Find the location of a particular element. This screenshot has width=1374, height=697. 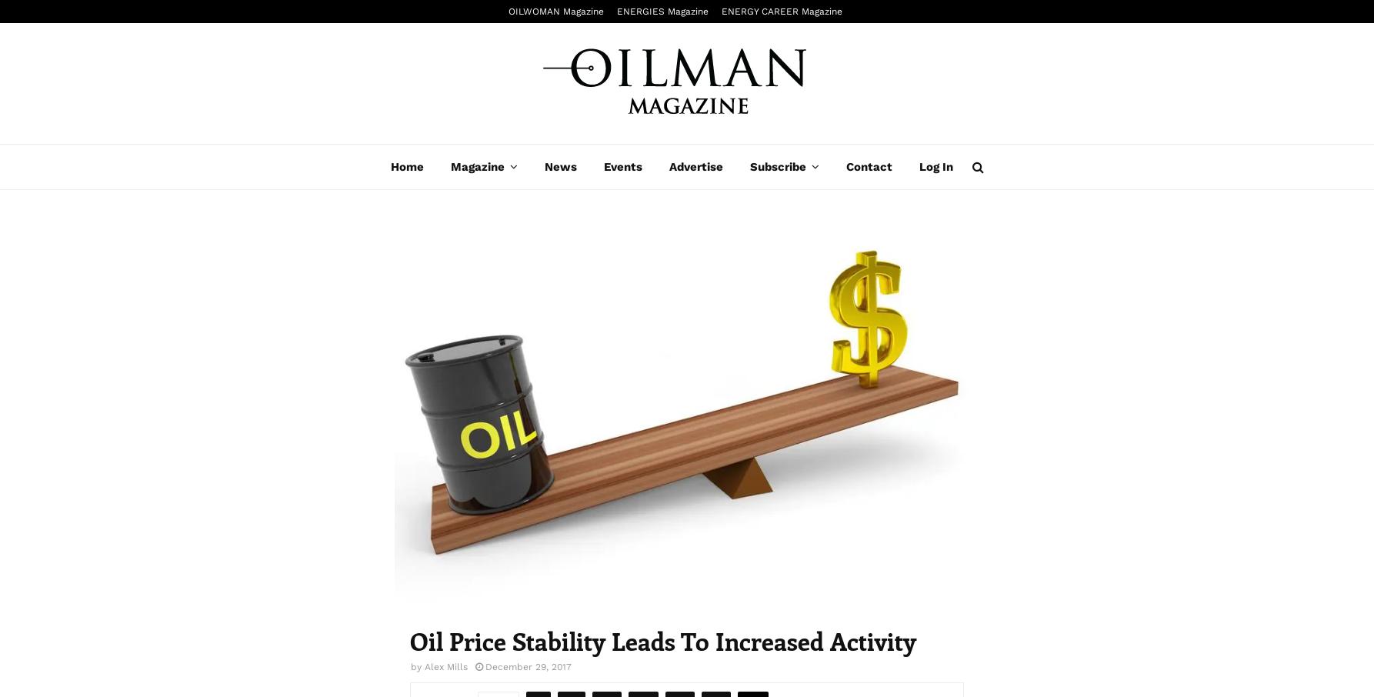

'Advertise' is located at coordinates (668, 165).